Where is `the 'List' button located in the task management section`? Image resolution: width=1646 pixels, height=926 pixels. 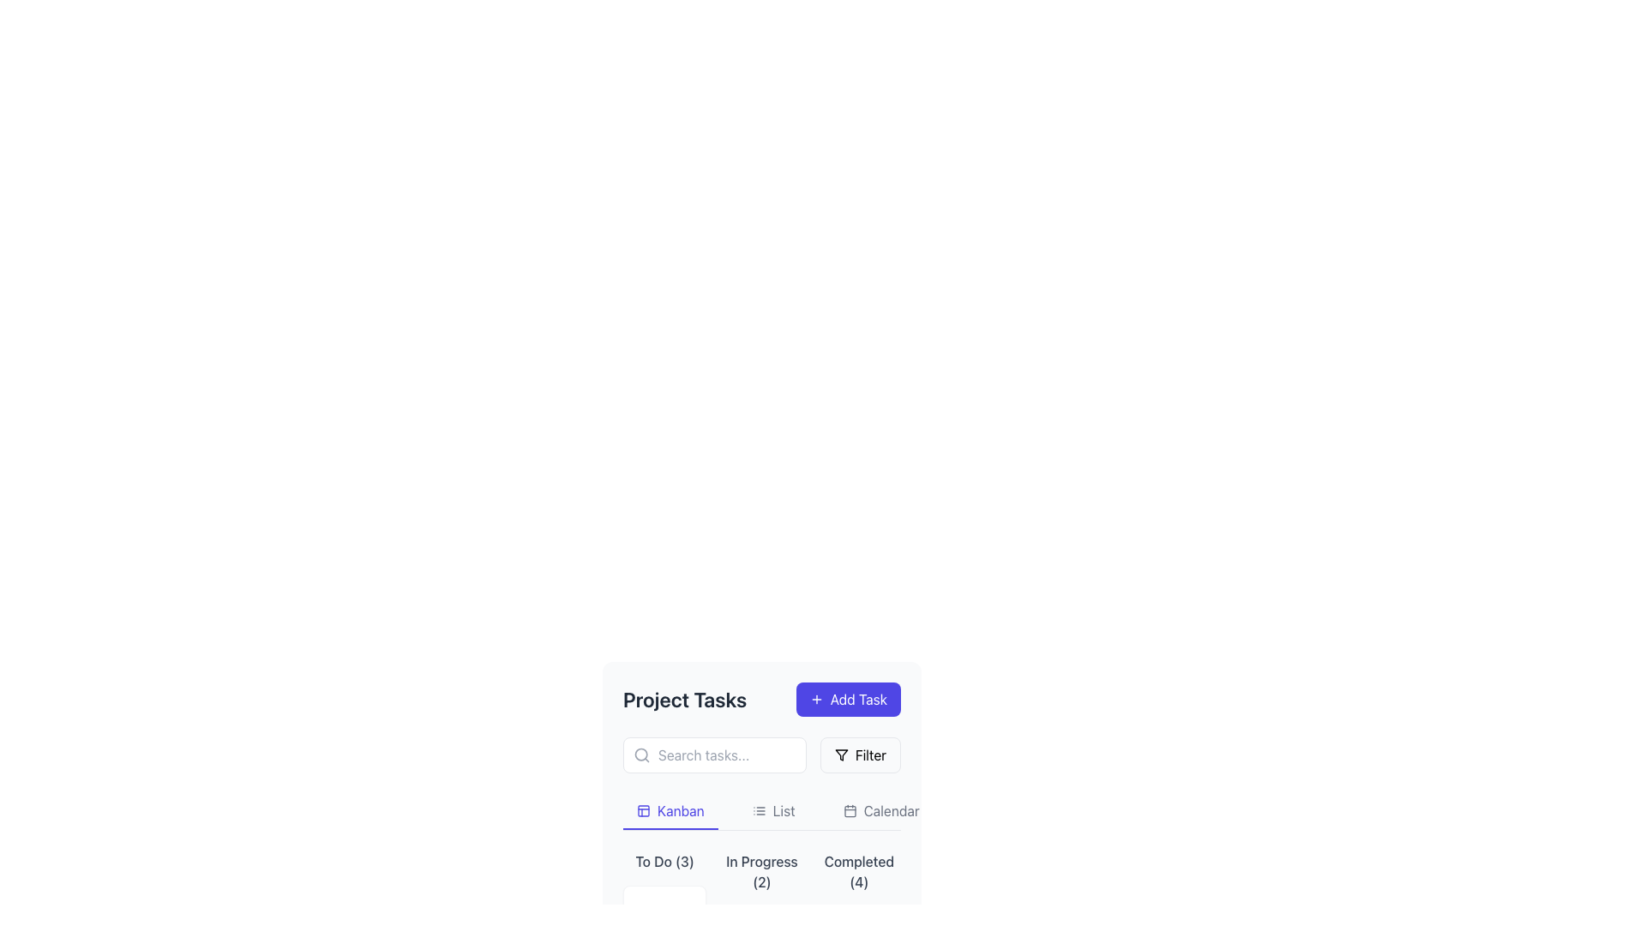
the 'List' button located in the task management section is located at coordinates (772, 811).